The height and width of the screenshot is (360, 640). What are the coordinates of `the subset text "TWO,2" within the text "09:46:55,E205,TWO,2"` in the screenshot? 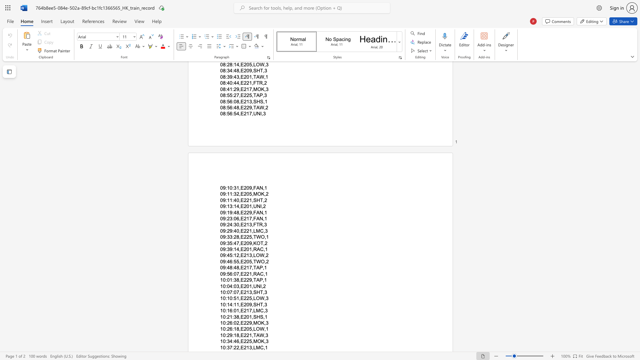 It's located at (253, 261).